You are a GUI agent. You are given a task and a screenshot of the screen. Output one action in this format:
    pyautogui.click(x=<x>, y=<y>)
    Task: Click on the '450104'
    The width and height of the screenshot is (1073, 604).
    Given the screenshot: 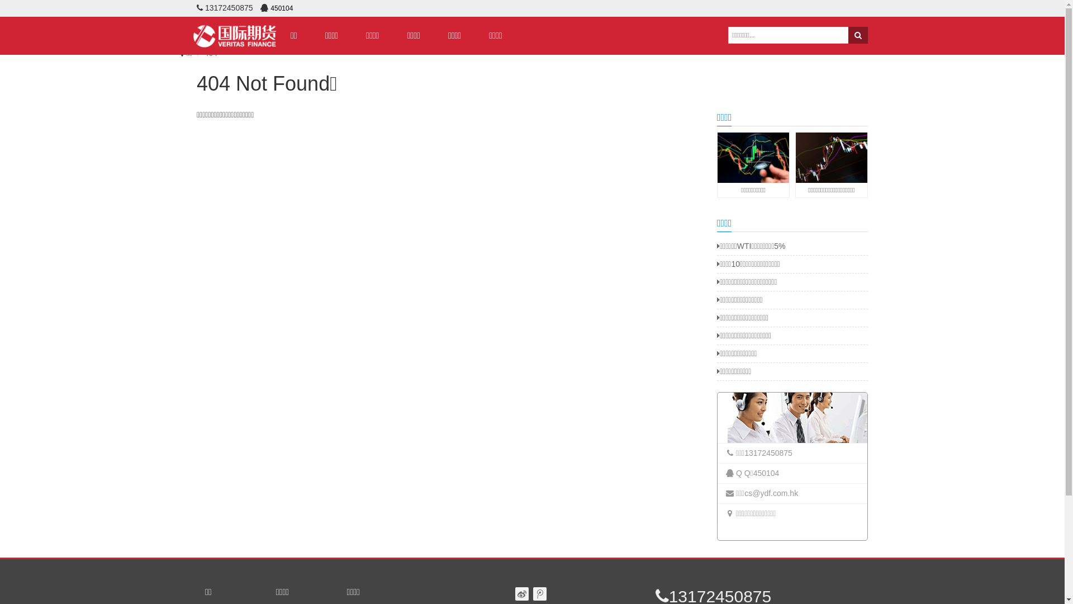 What is the action you would take?
    pyautogui.click(x=766, y=473)
    